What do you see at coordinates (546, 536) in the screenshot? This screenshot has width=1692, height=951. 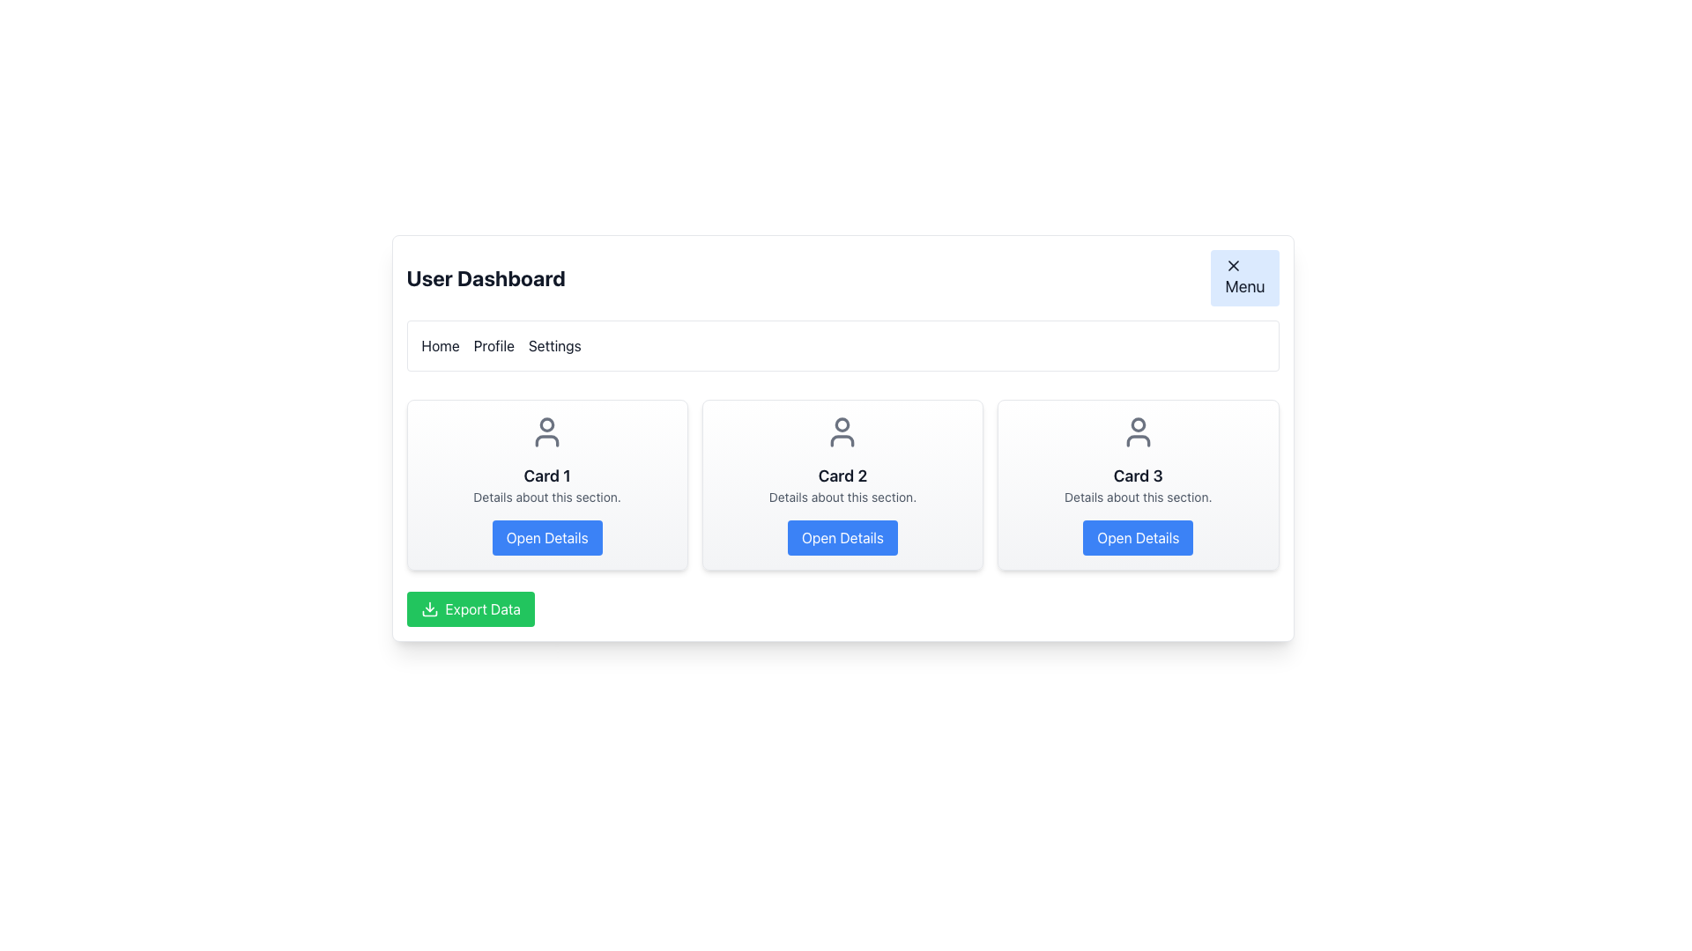 I see `the button located at the bottom center of the first card` at bounding box center [546, 536].